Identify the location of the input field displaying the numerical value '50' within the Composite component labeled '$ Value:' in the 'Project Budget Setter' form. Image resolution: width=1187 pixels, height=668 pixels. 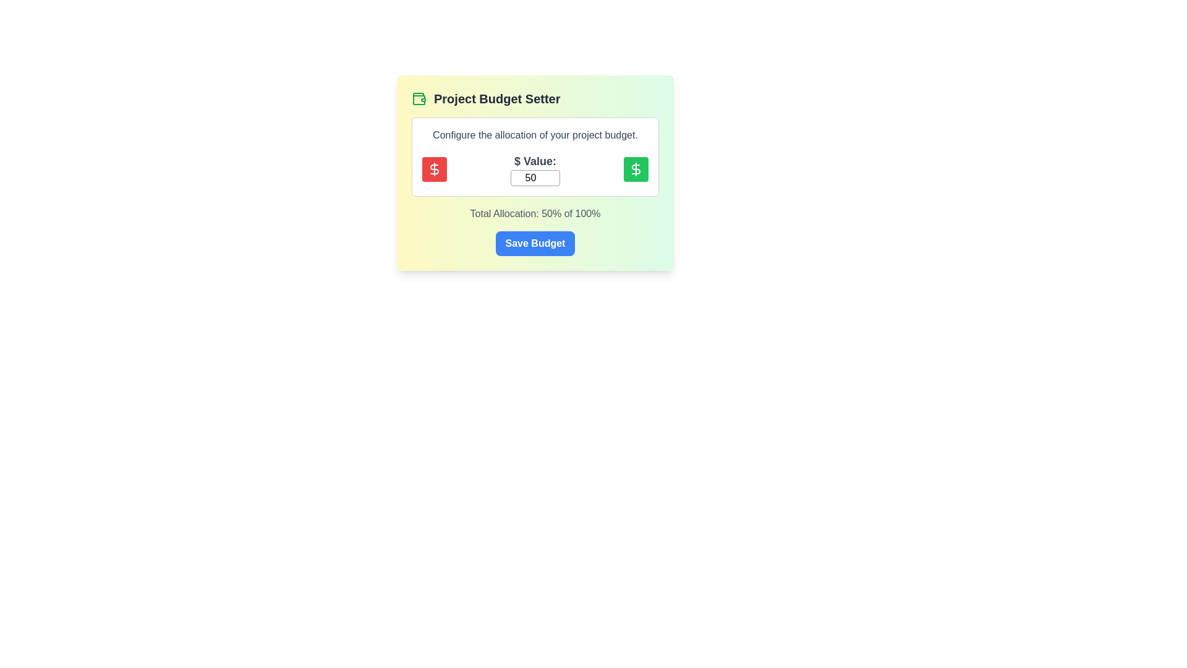
(535, 169).